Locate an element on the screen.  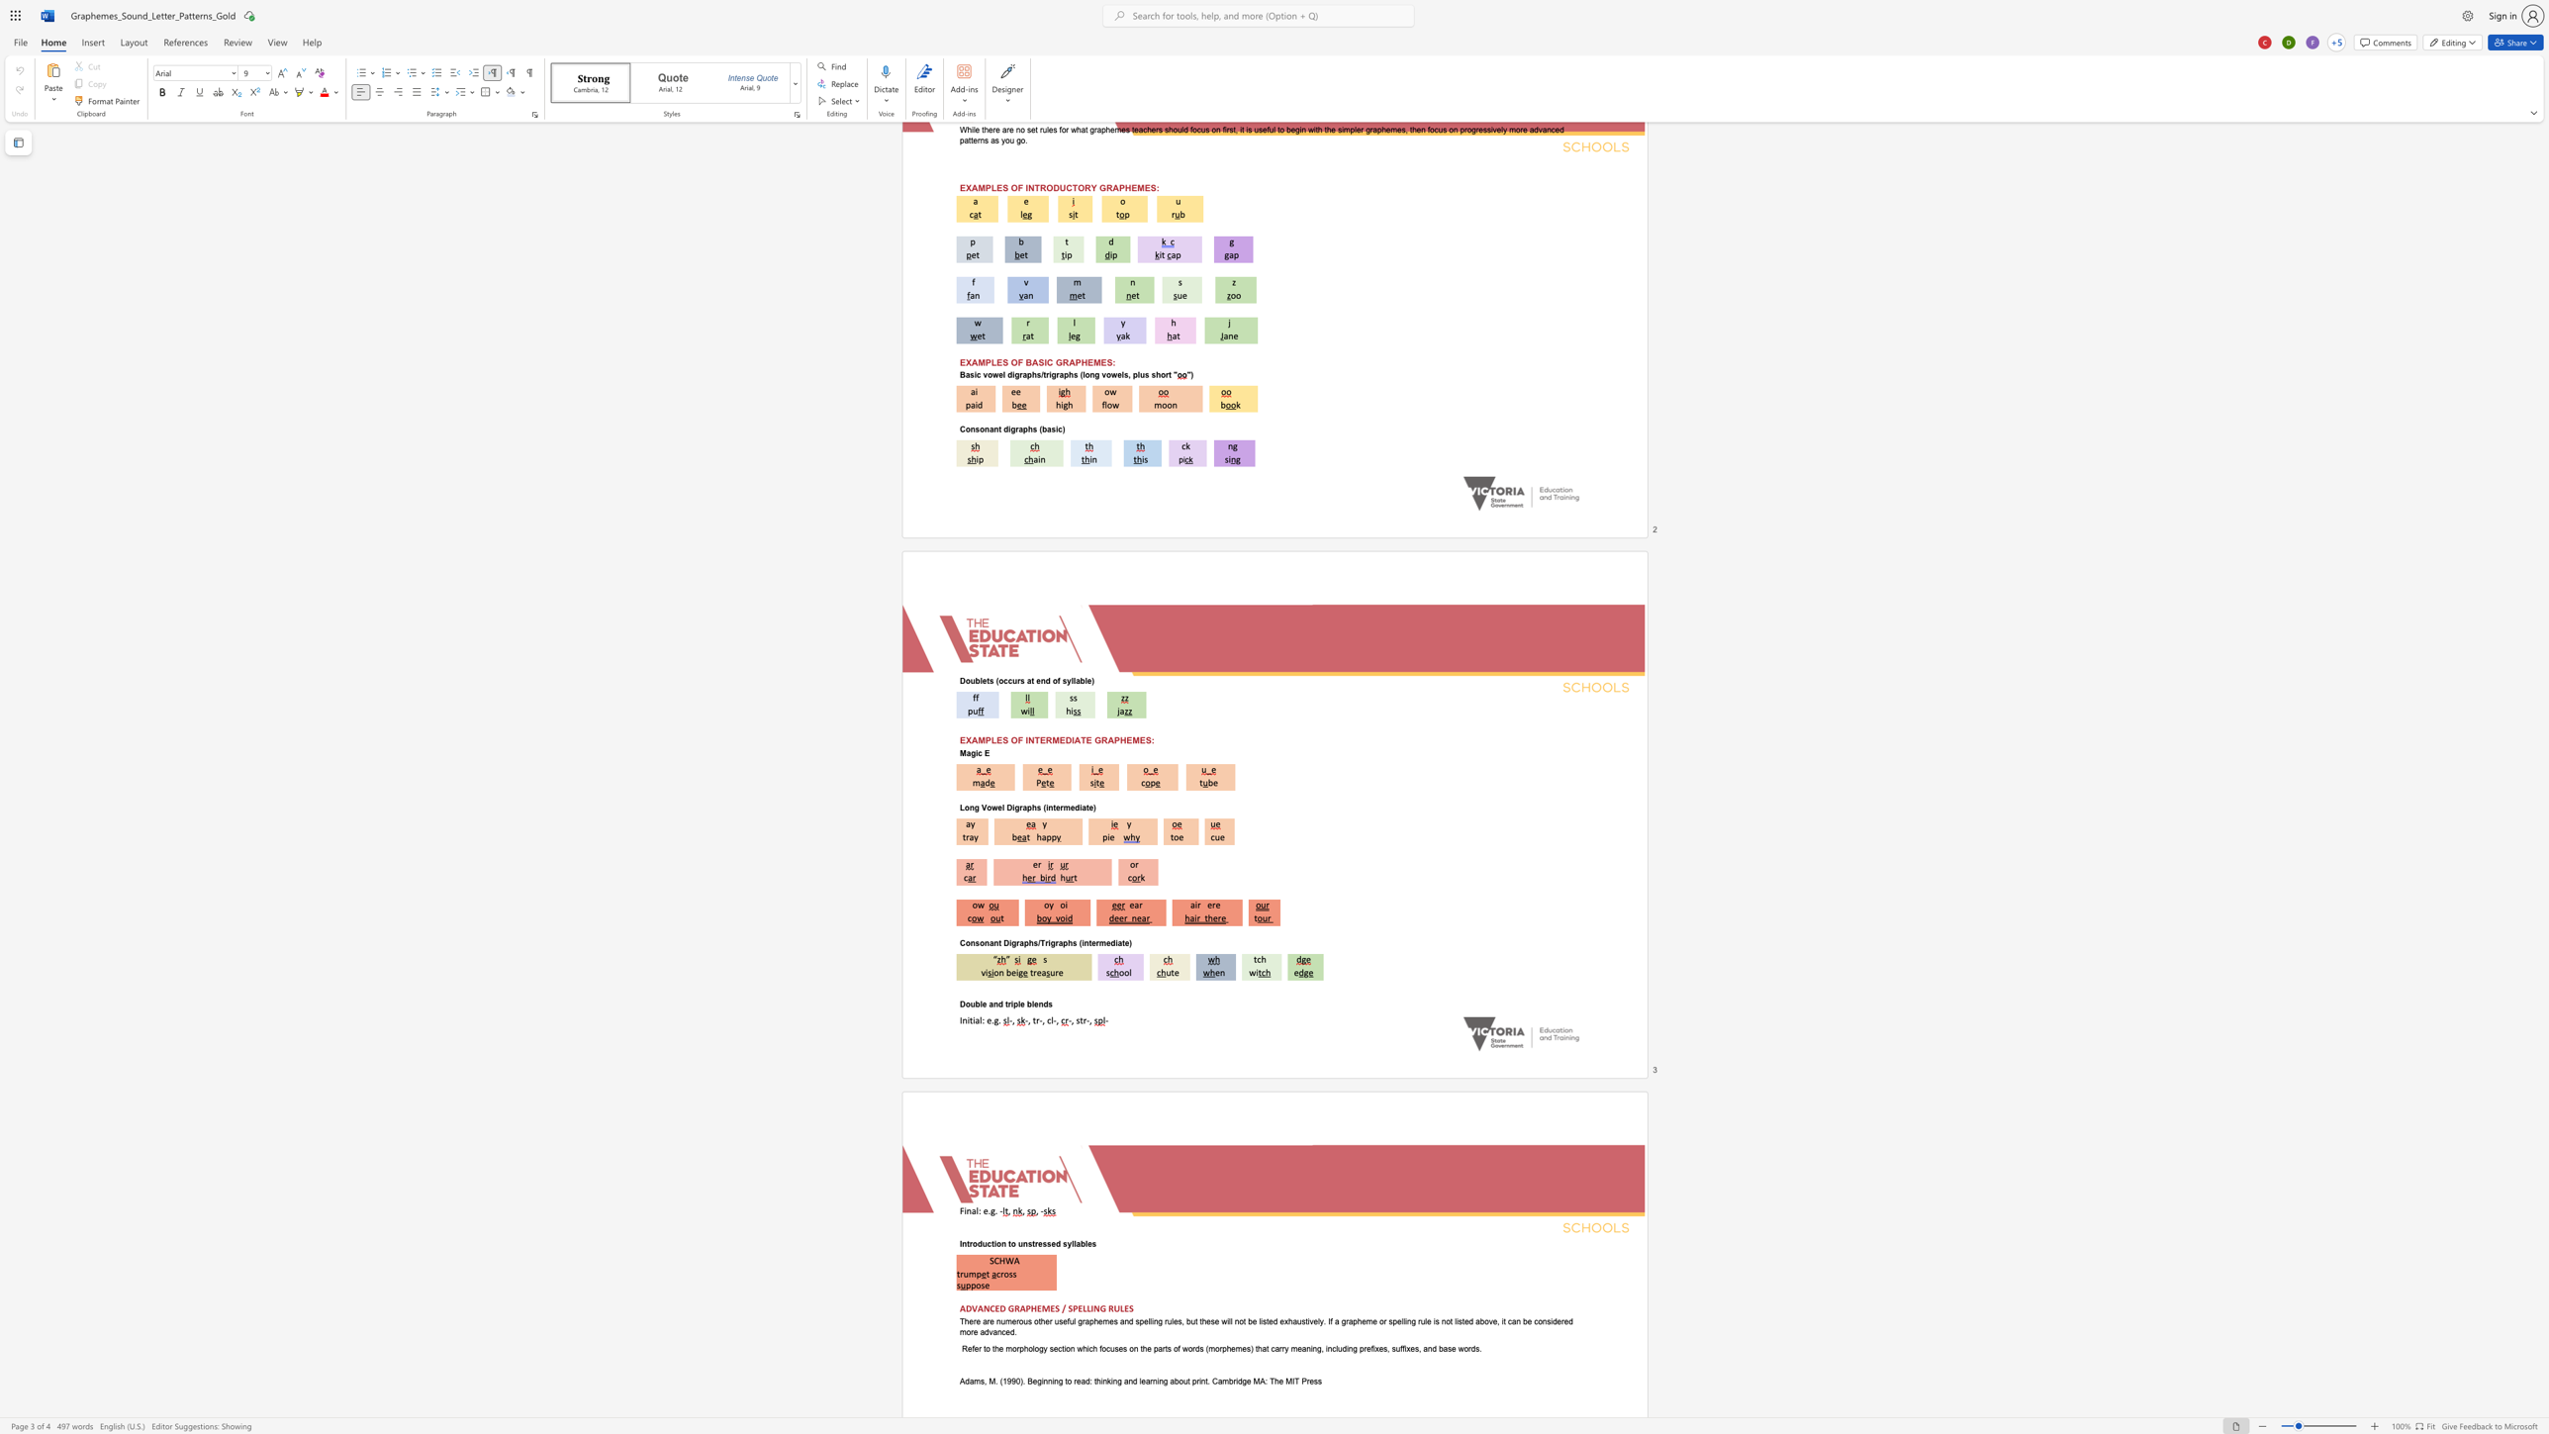
the 2th character "M" in the text is located at coordinates (1256, 1381).